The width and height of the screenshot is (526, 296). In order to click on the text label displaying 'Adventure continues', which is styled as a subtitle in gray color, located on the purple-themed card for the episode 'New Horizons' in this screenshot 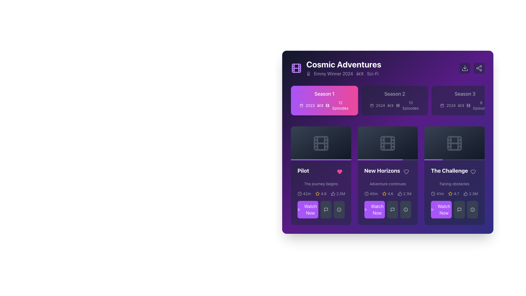, I will do `click(387, 184)`.